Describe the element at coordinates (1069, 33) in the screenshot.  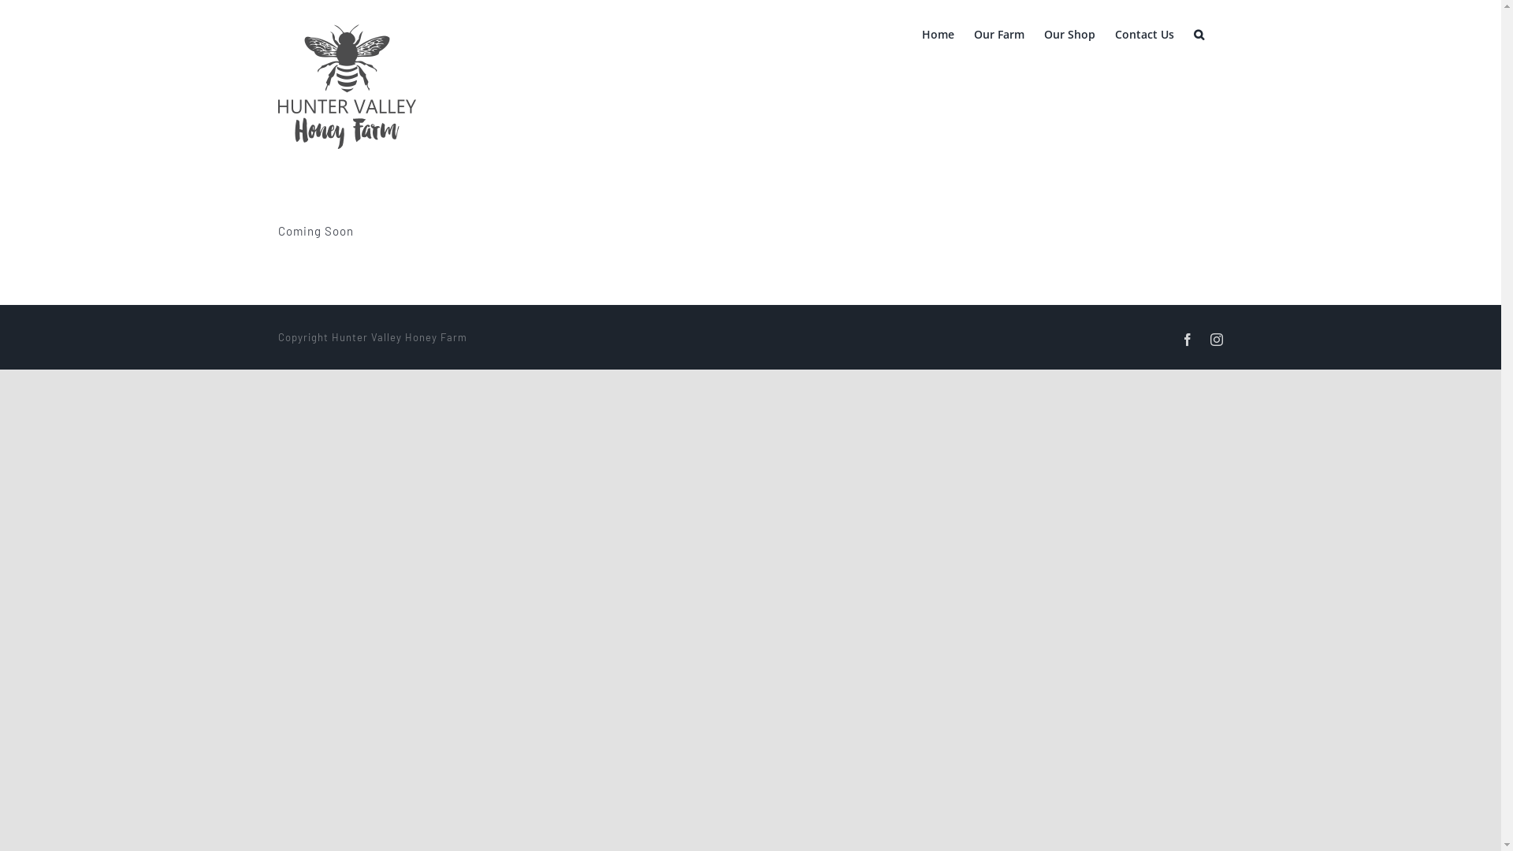
I see `'Our Shop'` at that location.